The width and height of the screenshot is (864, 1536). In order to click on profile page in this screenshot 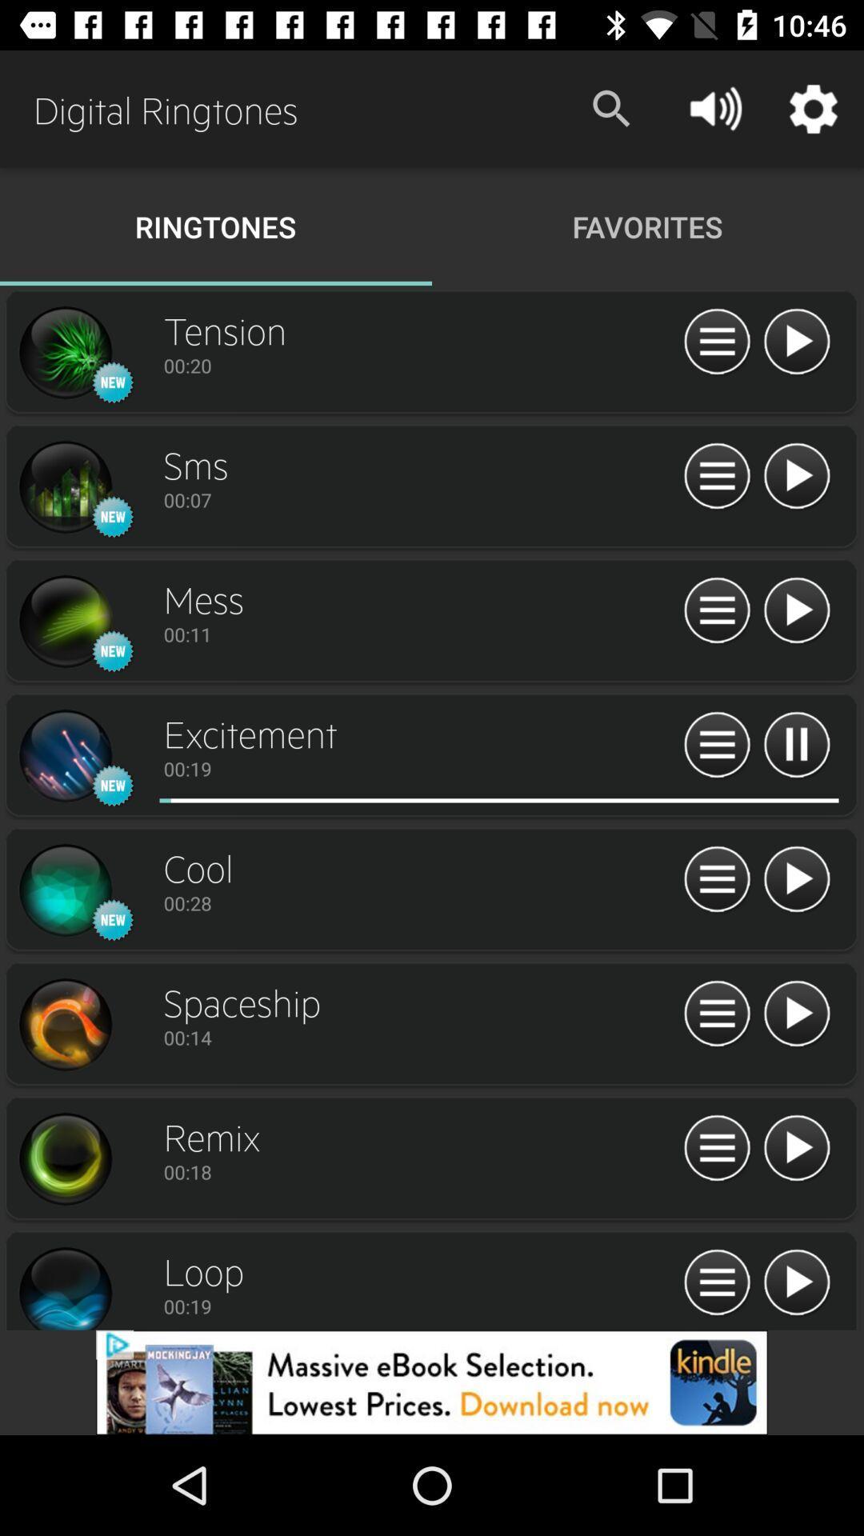, I will do `click(64, 486)`.